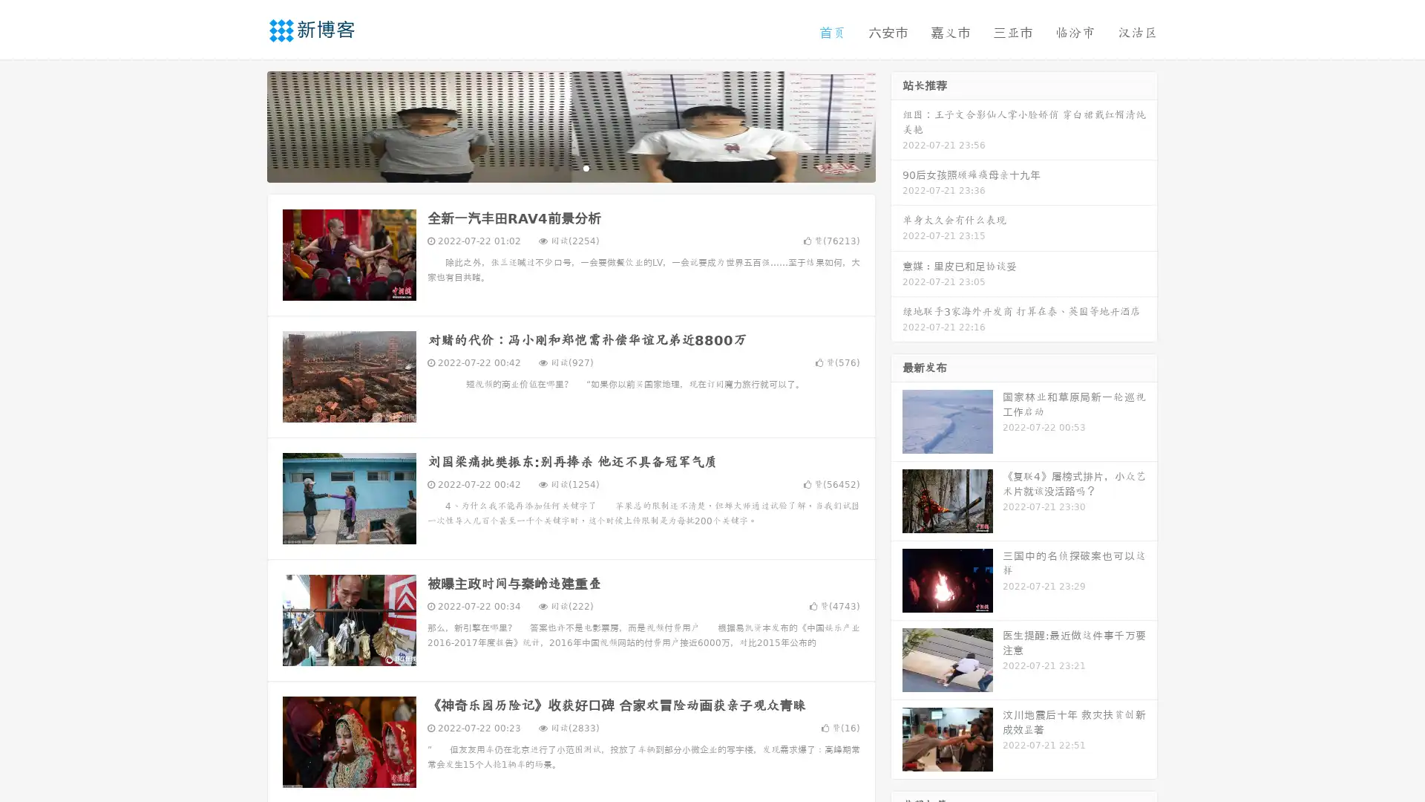 Image resolution: width=1425 pixels, height=802 pixels. What do you see at coordinates (570, 167) in the screenshot?
I see `Go to slide 2` at bounding box center [570, 167].